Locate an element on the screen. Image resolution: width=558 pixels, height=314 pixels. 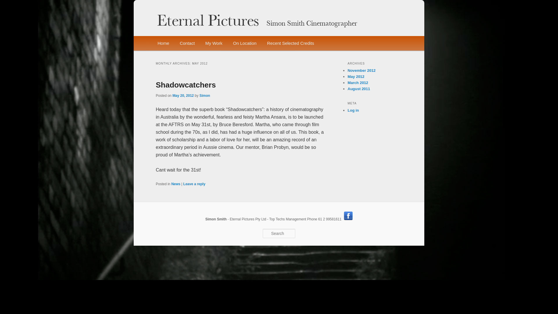
'November 2012' is located at coordinates (361, 70).